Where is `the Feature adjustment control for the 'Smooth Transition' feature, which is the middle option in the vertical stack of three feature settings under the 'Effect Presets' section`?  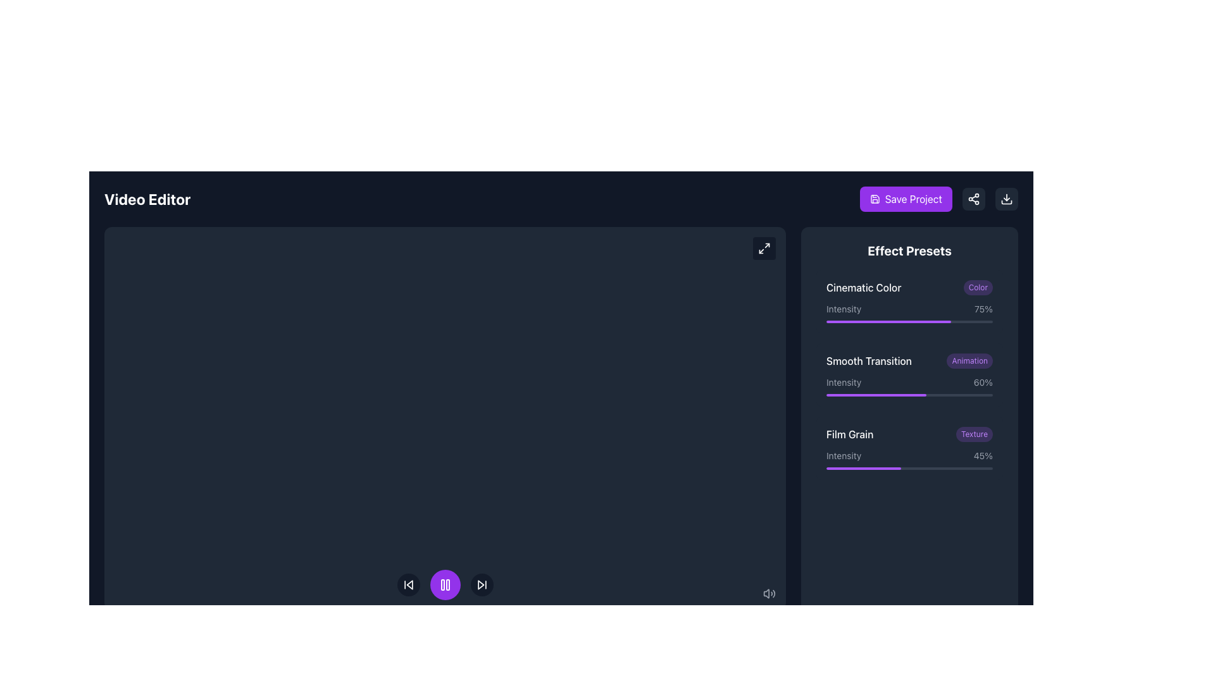 the Feature adjustment control for the 'Smooth Transition' feature, which is the middle option in the vertical stack of three feature settings under the 'Effect Presets' section is located at coordinates (909, 374).